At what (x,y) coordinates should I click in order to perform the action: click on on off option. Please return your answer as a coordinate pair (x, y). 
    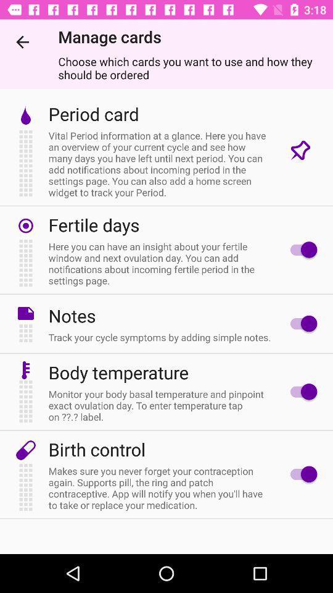
    Looking at the image, I should click on (300, 391).